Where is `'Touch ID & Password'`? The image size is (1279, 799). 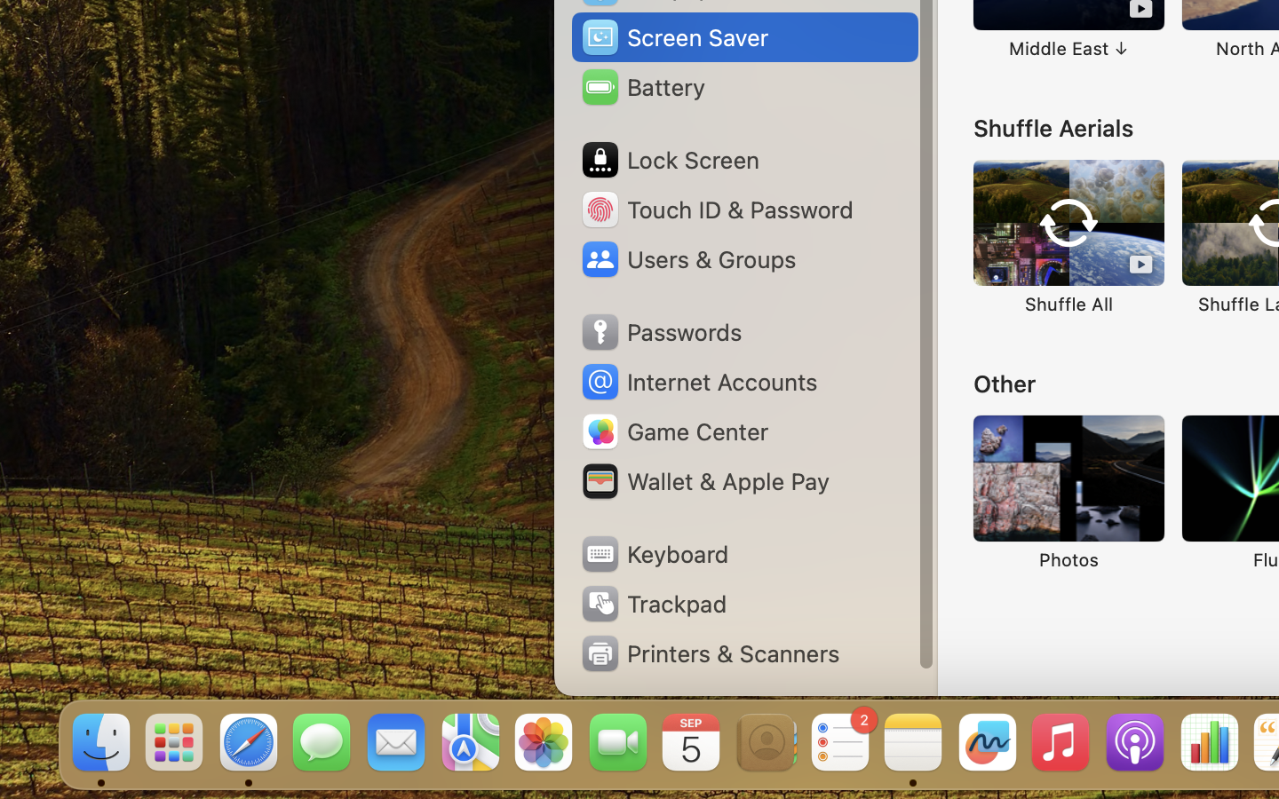
'Touch ID & Password' is located at coordinates (716, 208).